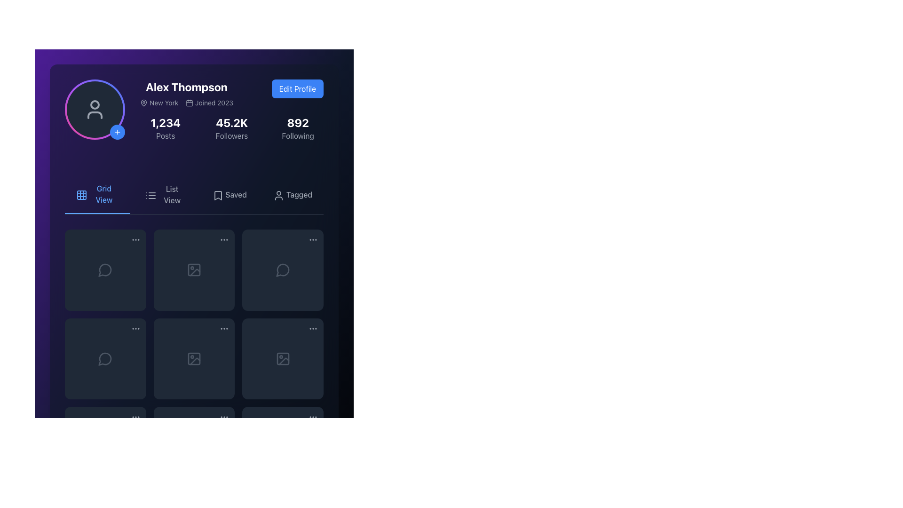 This screenshot has height=508, width=903. Describe the element at coordinates (150, 195) in the screenshot. I see `the view mode toggle button located in the navigation bar, positioned between the 'Grid View' icon and the 'Saved' icon, to switch view modes` at that location.